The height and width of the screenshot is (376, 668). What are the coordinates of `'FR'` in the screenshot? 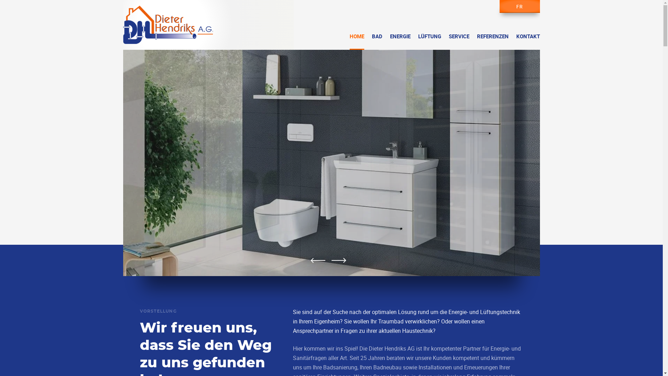 It's located at (519, 6).